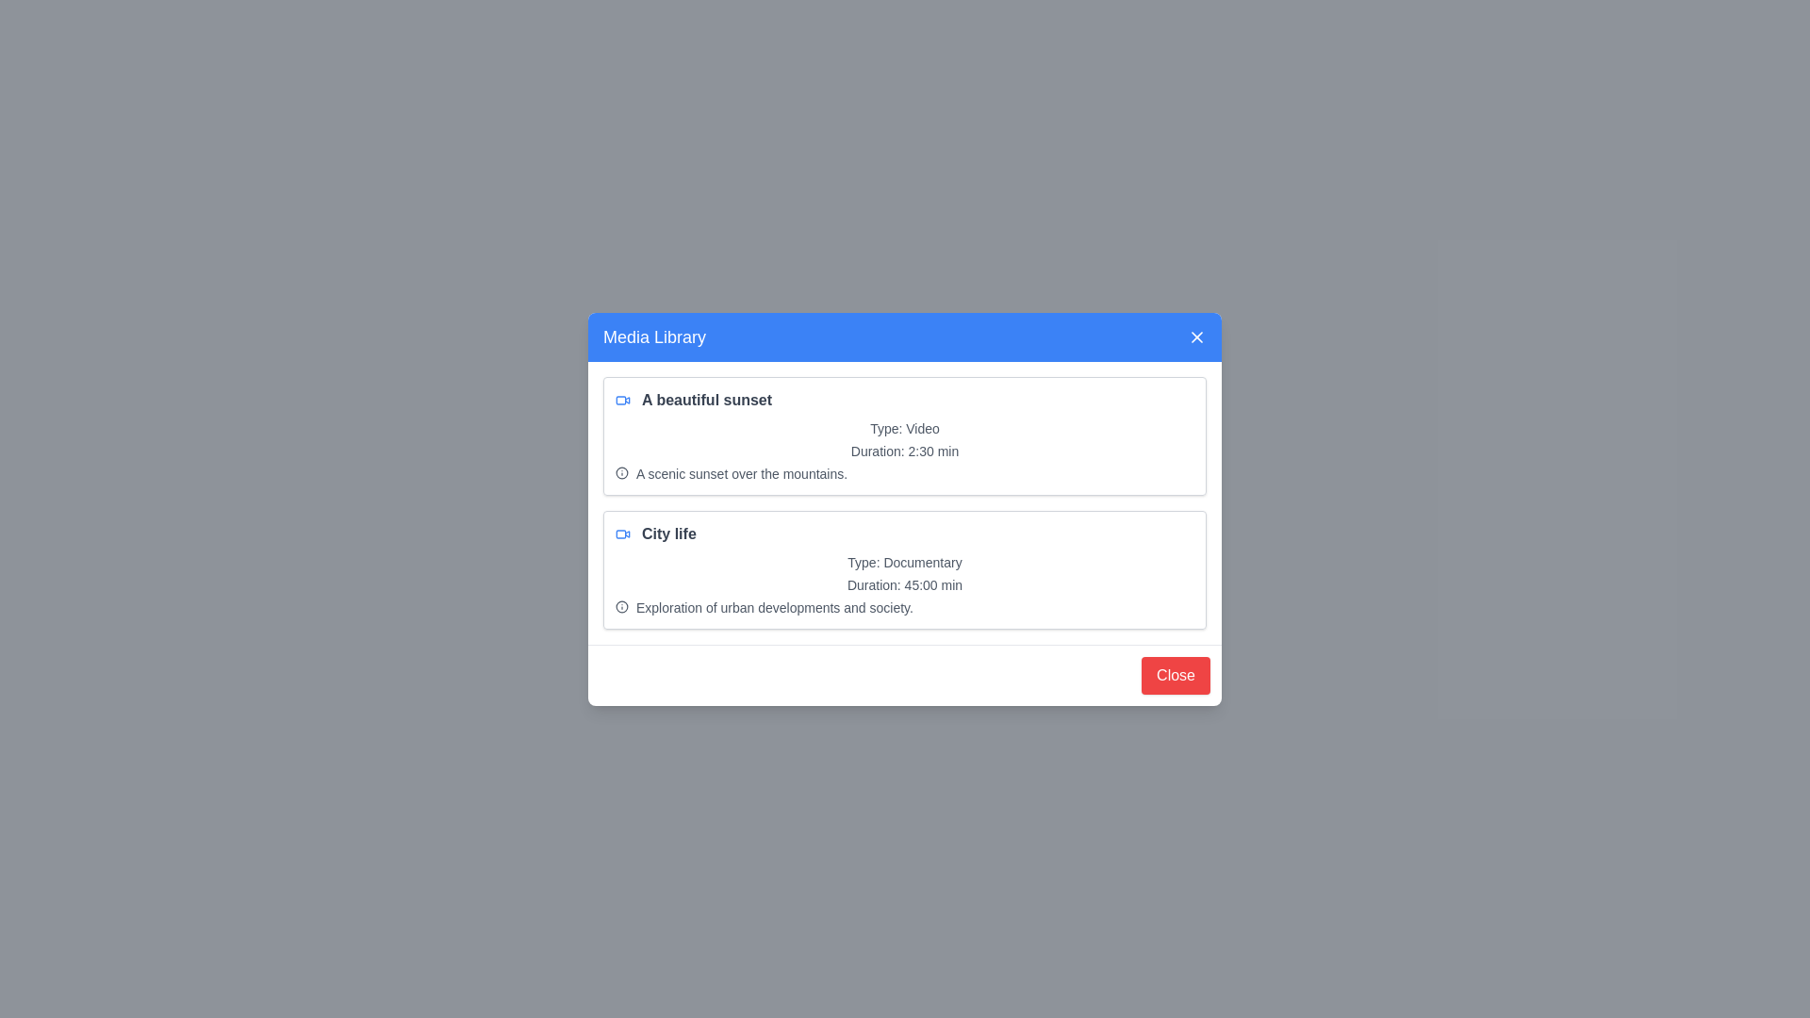 The height and width of the screenshot is (1018, 1810). Describe the element at coordinates (905, 451) in the screenshot. I see `the embedded links or icons within the Text block that displays video-related information, which includes 'Type: Video', 'Duration: 2:30 min', and a description 'A scenic sunset over the mountains.'` at that location.